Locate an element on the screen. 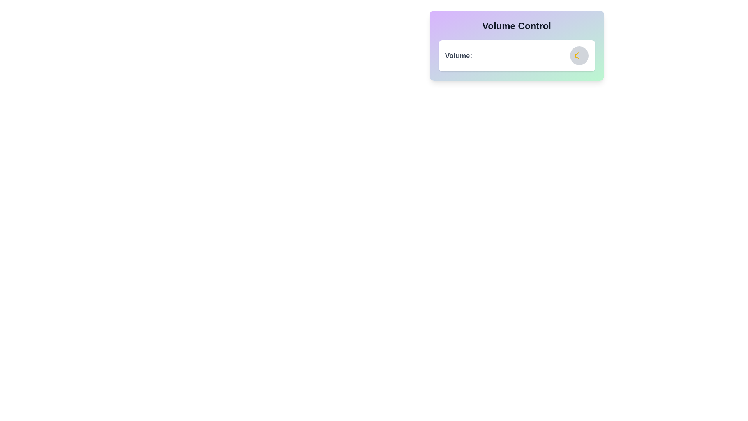  volume button to change the volume state is located at coordinates (579, 55).